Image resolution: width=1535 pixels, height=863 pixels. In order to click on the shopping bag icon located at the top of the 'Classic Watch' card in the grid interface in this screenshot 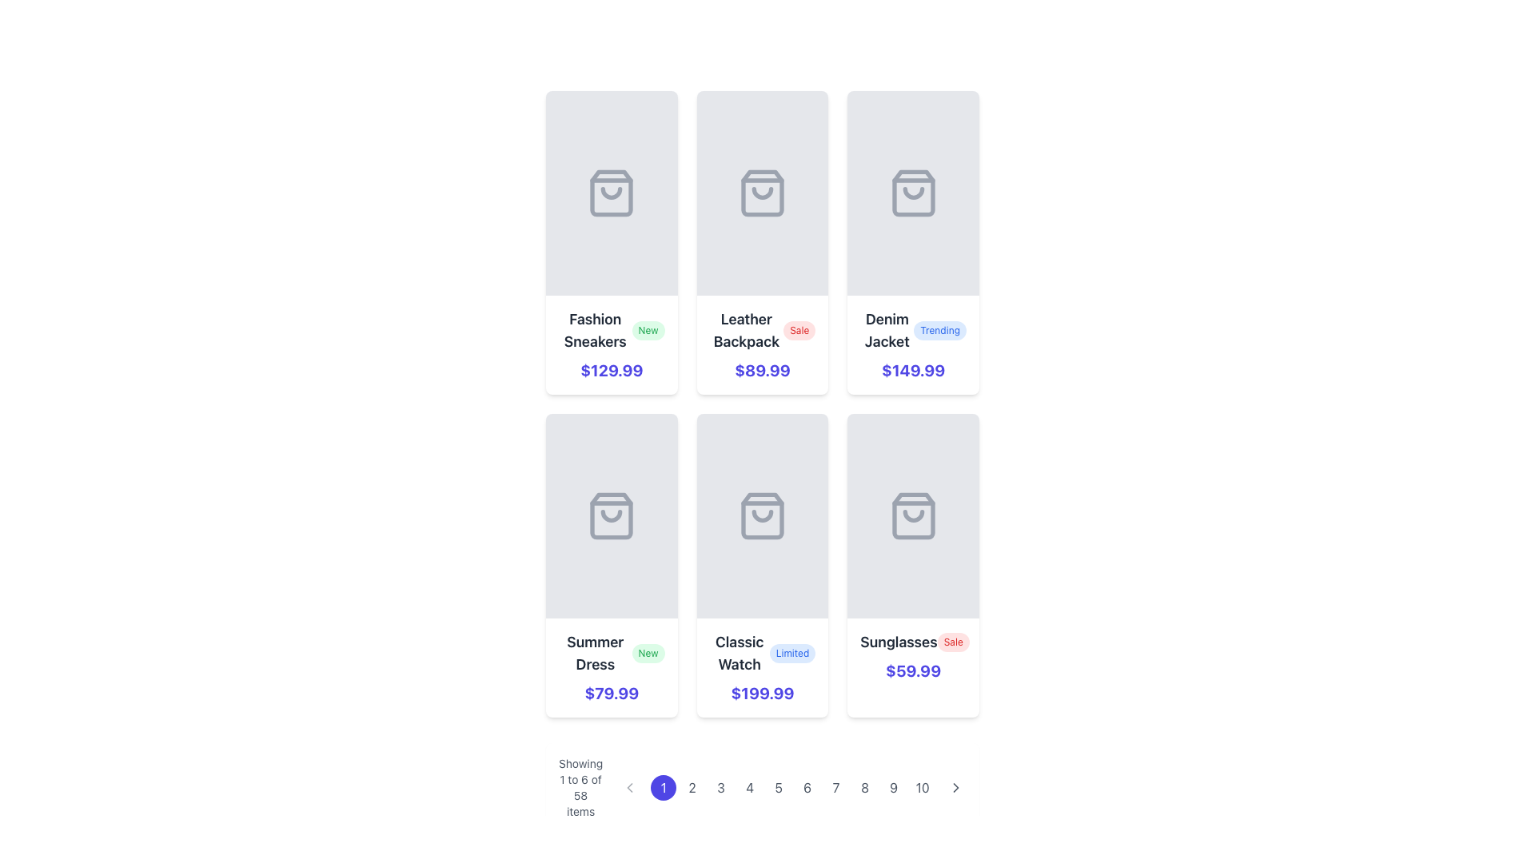, I will do `click(762, 515)`.